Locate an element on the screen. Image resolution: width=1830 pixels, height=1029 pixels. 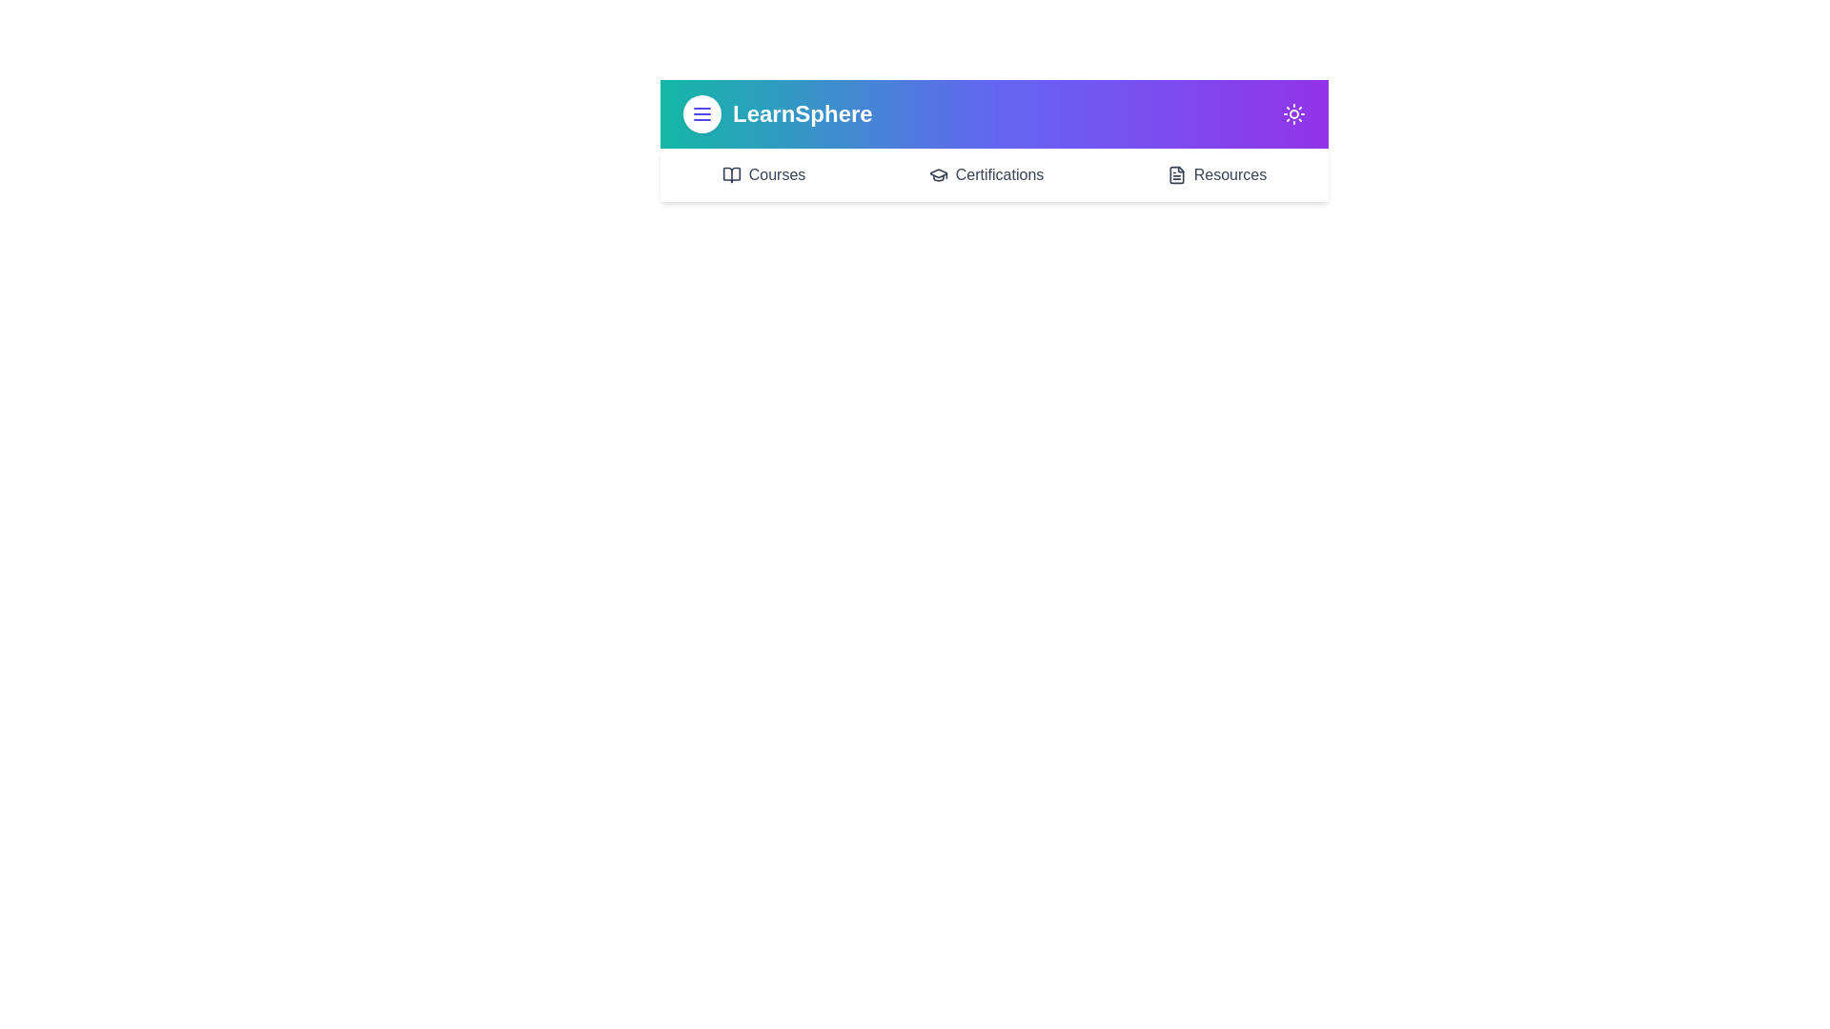
the 'Resources' navigation link is located at coordinates (1215, 175).